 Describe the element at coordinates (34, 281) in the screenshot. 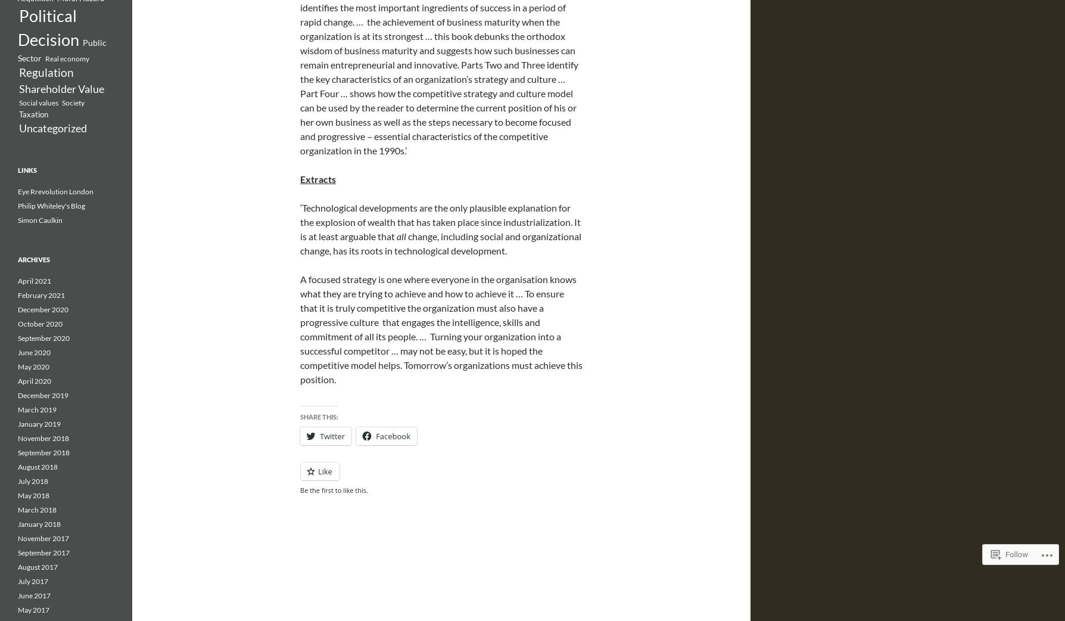

I see `'April 2021'` at that location.